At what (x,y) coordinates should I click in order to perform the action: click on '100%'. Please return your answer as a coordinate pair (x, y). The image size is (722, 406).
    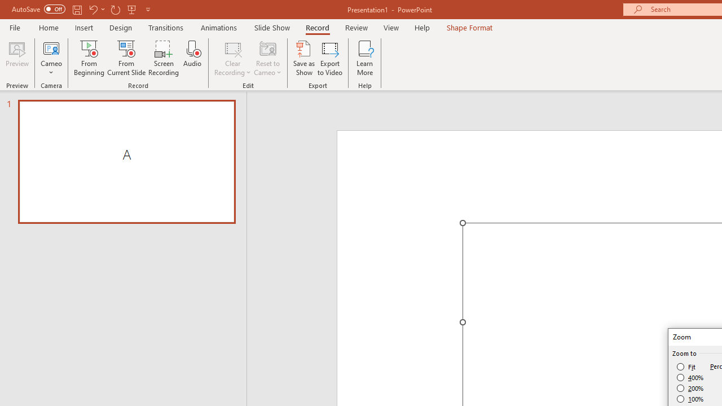
    Looking at the image, I should click on (690, 398).